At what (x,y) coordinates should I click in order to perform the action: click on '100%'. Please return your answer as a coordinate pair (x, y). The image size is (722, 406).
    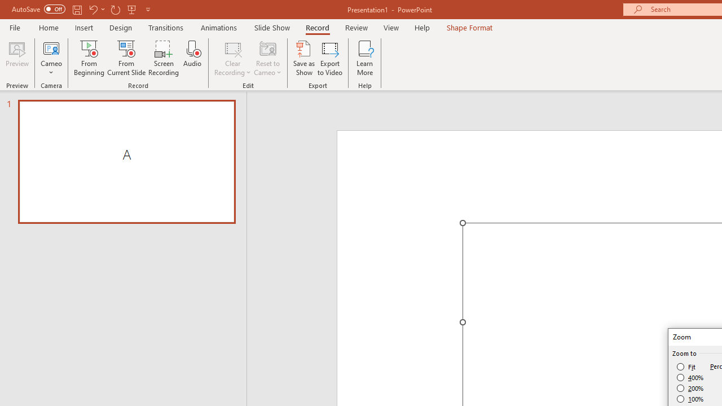
    Looking at the image, I should click on (690, 398).